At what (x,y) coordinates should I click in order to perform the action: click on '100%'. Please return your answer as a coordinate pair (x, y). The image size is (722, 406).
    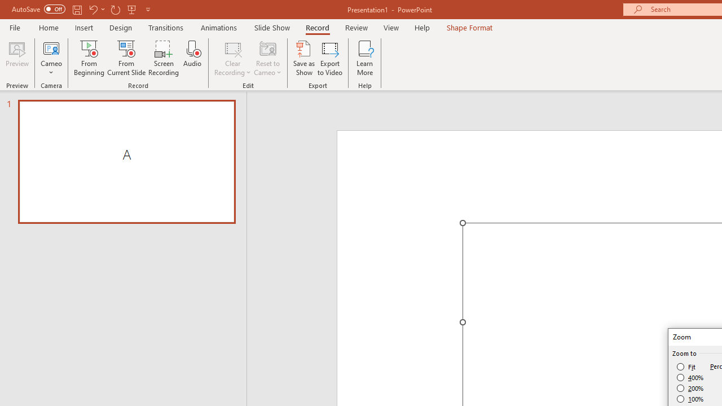
    Looking at the image, I should click on (690, 398).